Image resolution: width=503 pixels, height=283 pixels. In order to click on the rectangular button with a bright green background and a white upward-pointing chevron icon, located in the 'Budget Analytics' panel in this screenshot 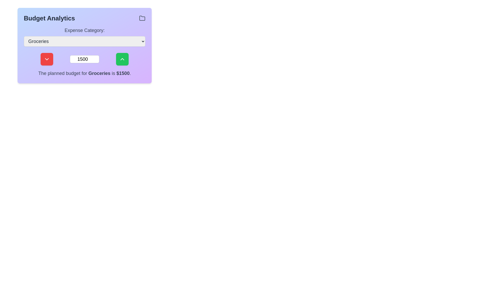, I will do `click(122, 59)`.